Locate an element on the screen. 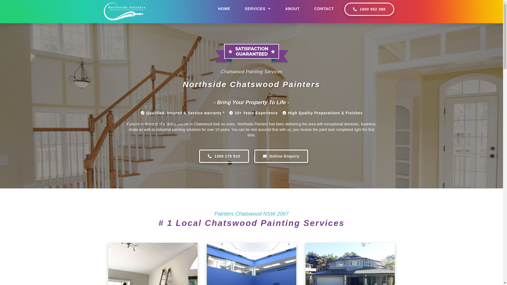  'Online Enquiry' is located at coordinates (281, 156).